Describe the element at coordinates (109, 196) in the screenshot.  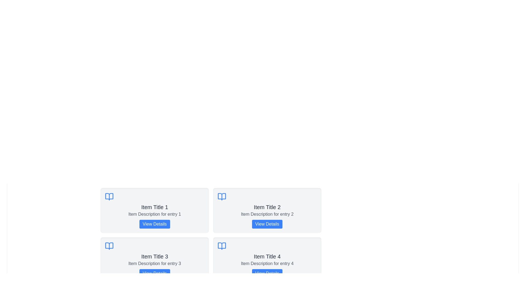
I see `the icon located at the top-left corner of the card that contains 'Item Title 1', which serves as a visual indicator related to books or literature` at that location.